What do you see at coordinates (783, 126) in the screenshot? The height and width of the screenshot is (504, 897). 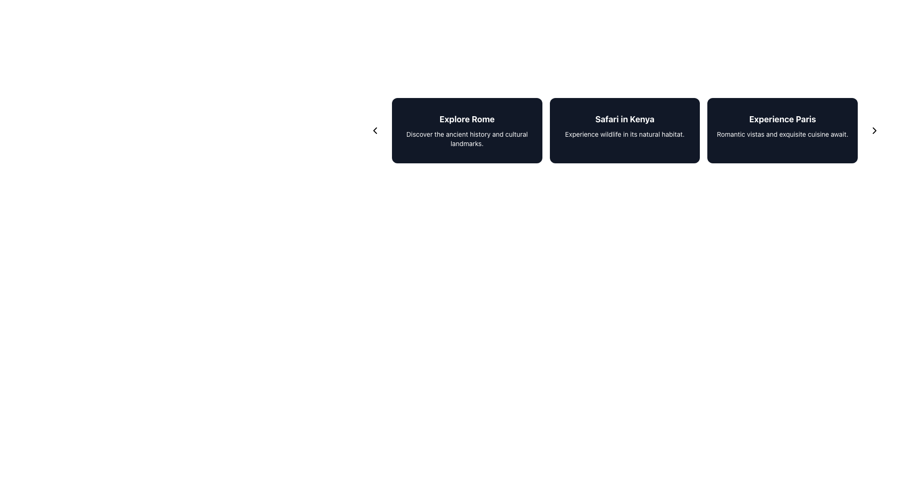 I see `descriptive text block component titled 'Experience Paris' that contains the subtext 'Romantic vistas and exquisite cuisine await.'` at bounding box center [783, 126].